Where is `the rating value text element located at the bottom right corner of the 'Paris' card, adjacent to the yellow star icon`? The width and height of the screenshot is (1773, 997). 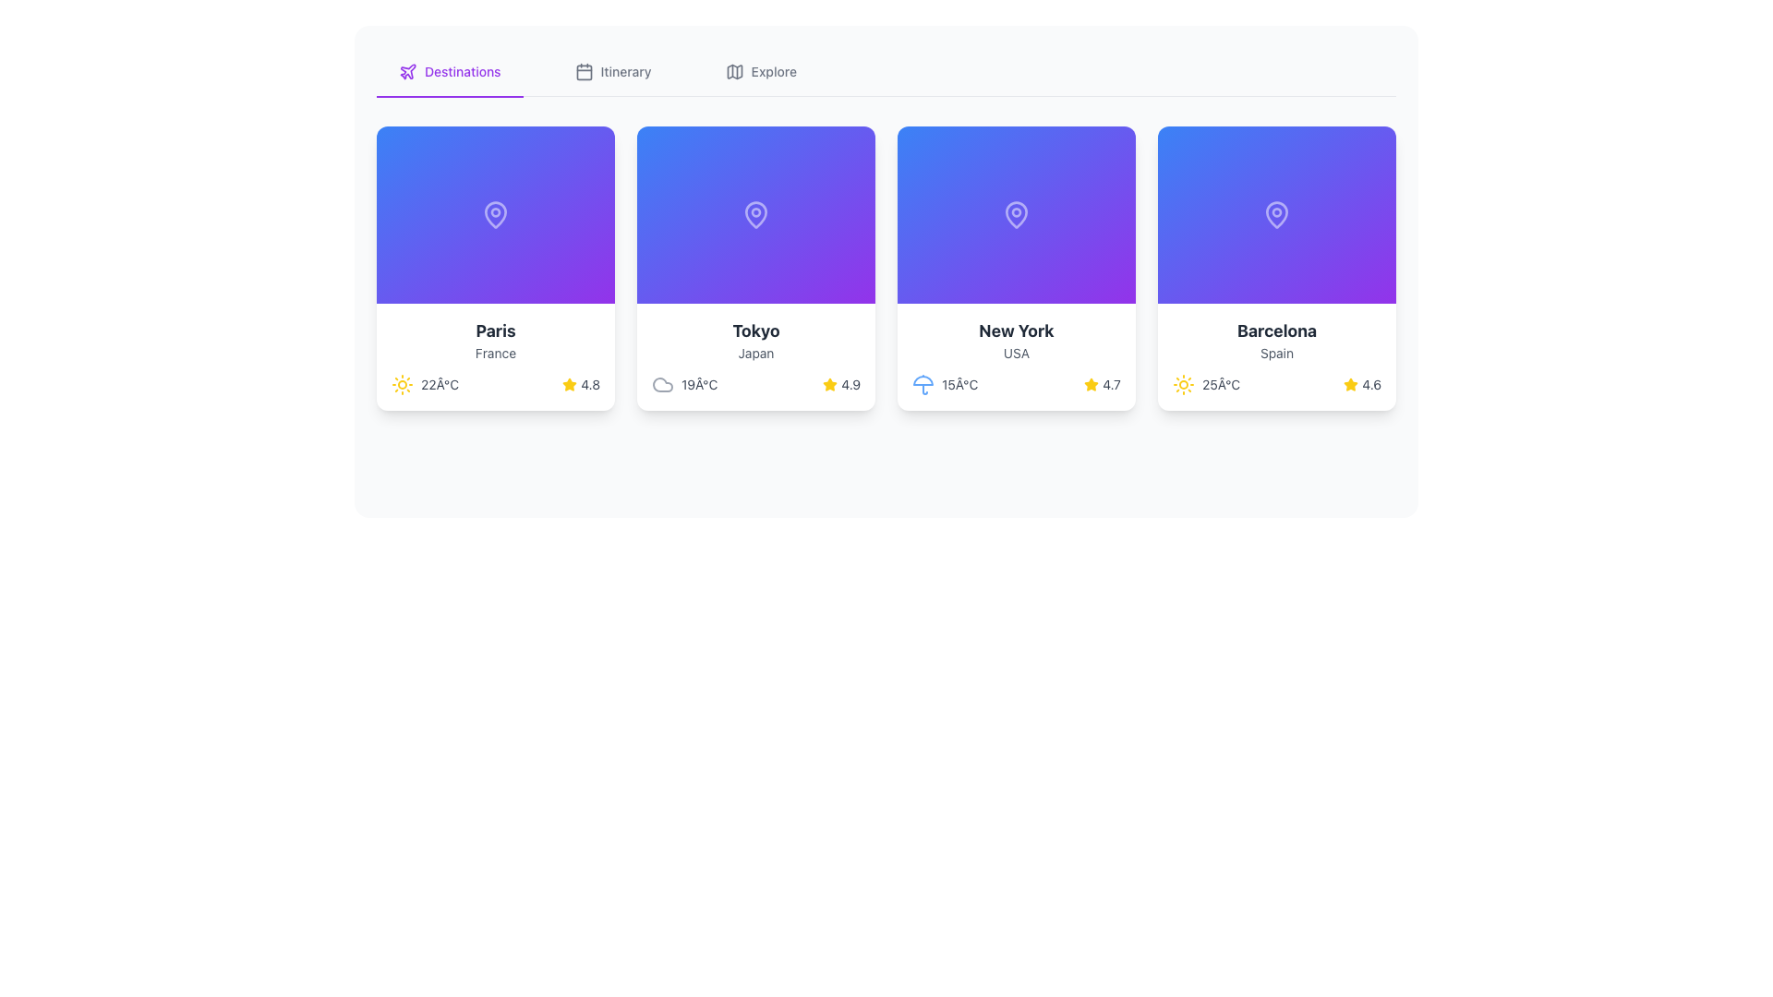 the rating value text element located at the bottom right corner of the 'Paris' card, adjacent to the yellow star icon is located at coordinates (589, 383).